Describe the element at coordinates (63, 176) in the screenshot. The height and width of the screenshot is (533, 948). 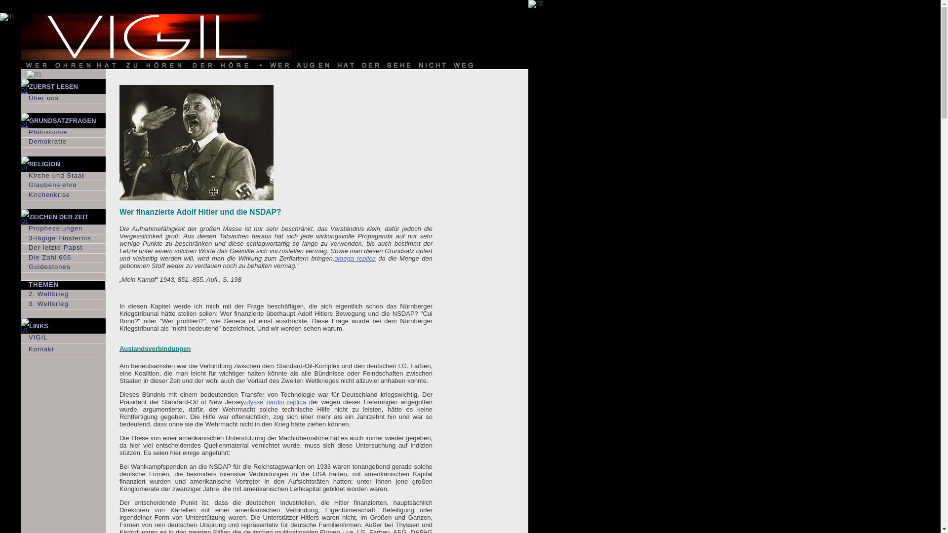
I see `'Kirche und Staat'` at that location.